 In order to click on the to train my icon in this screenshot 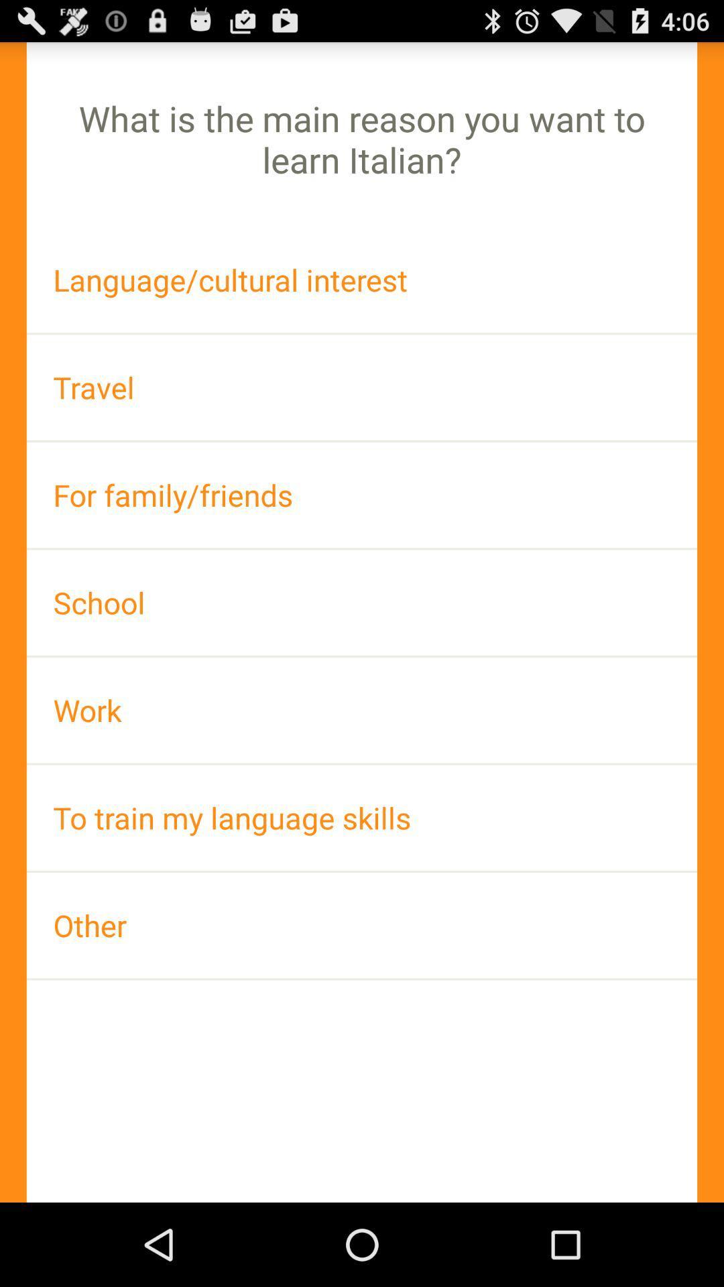, I will do `click(362, 817)`.